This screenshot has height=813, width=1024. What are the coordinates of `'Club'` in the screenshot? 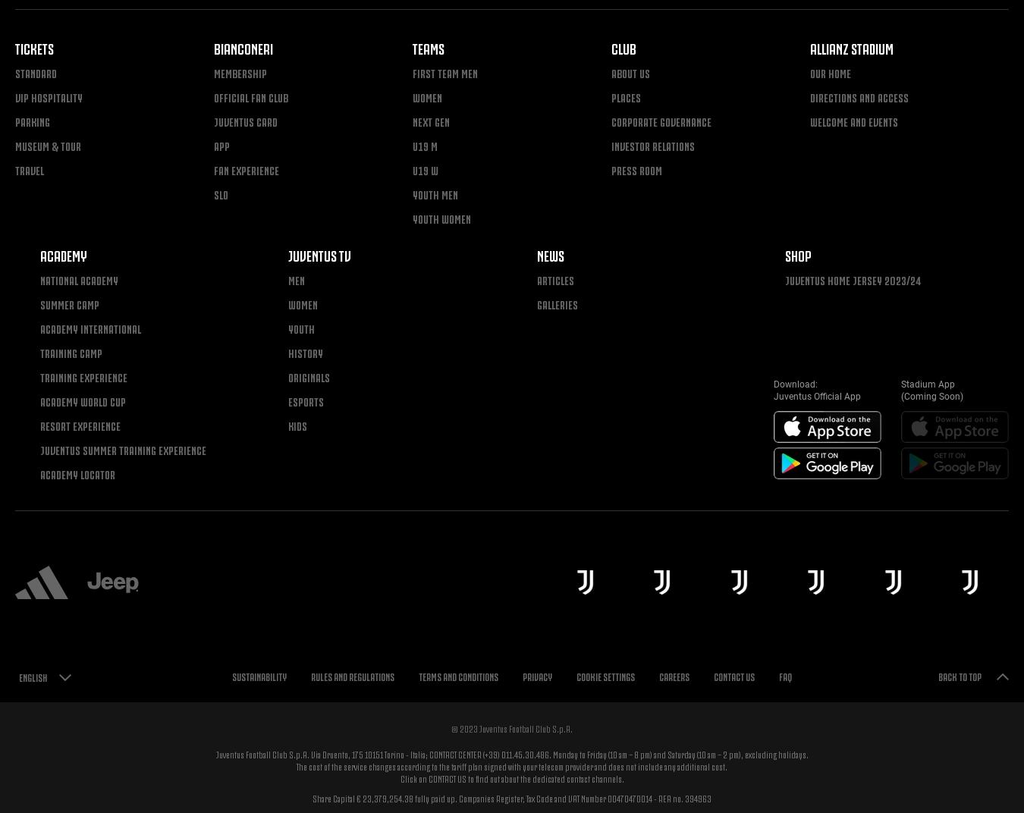 It's located at (624, 47).